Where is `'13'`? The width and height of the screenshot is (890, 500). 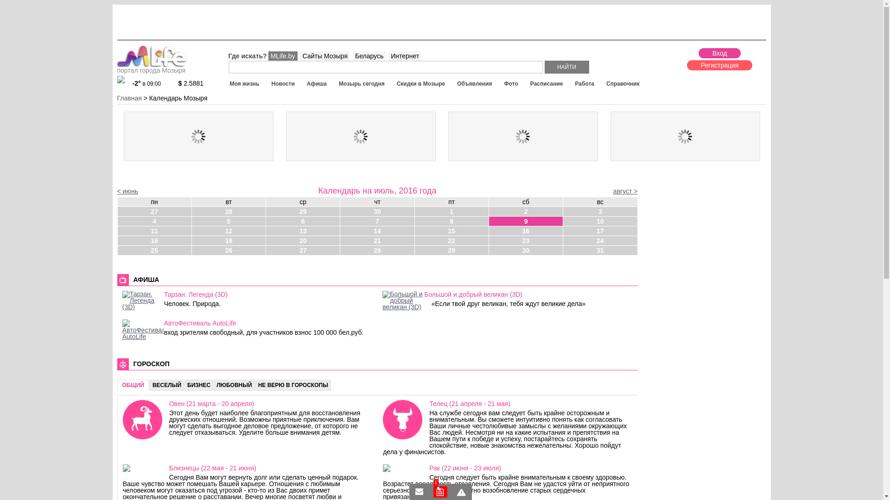
'13' is located at coordinates (303, 230).